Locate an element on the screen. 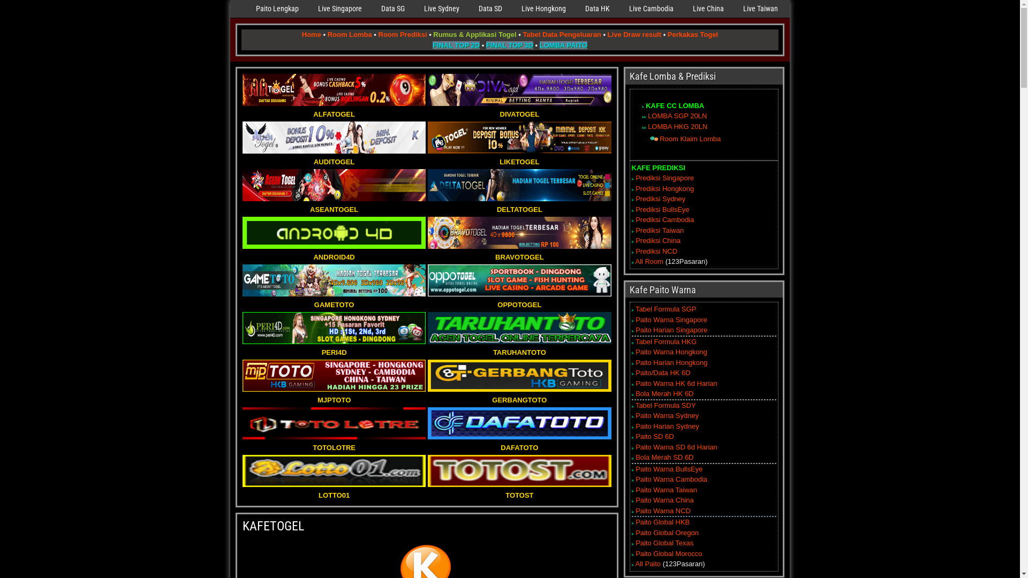 The width and height of the screenshot is (1028, 578). 'Data SD' is located at coordinates (490, 9).